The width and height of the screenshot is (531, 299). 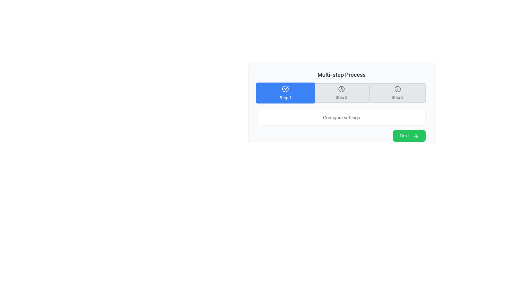 I want to click on the circular outline of the clock icon representing 'Step 2' in the multi-step progress bar located in the top-middle portion of the interface, so click(x=341, y=89).